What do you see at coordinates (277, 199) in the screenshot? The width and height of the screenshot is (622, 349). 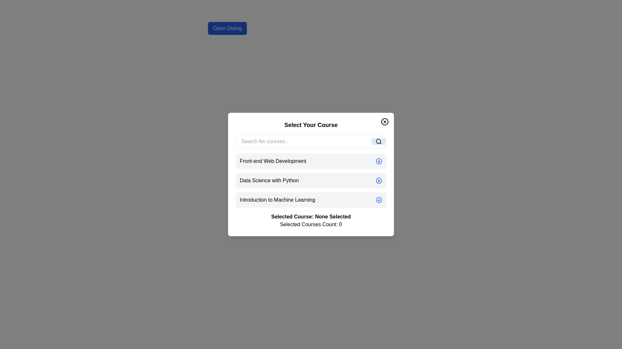 I see `the 'Introduction to Machine Learning' course selection item, which is displayed in bold black font on a light gray background` at bounding box center [277, 199].